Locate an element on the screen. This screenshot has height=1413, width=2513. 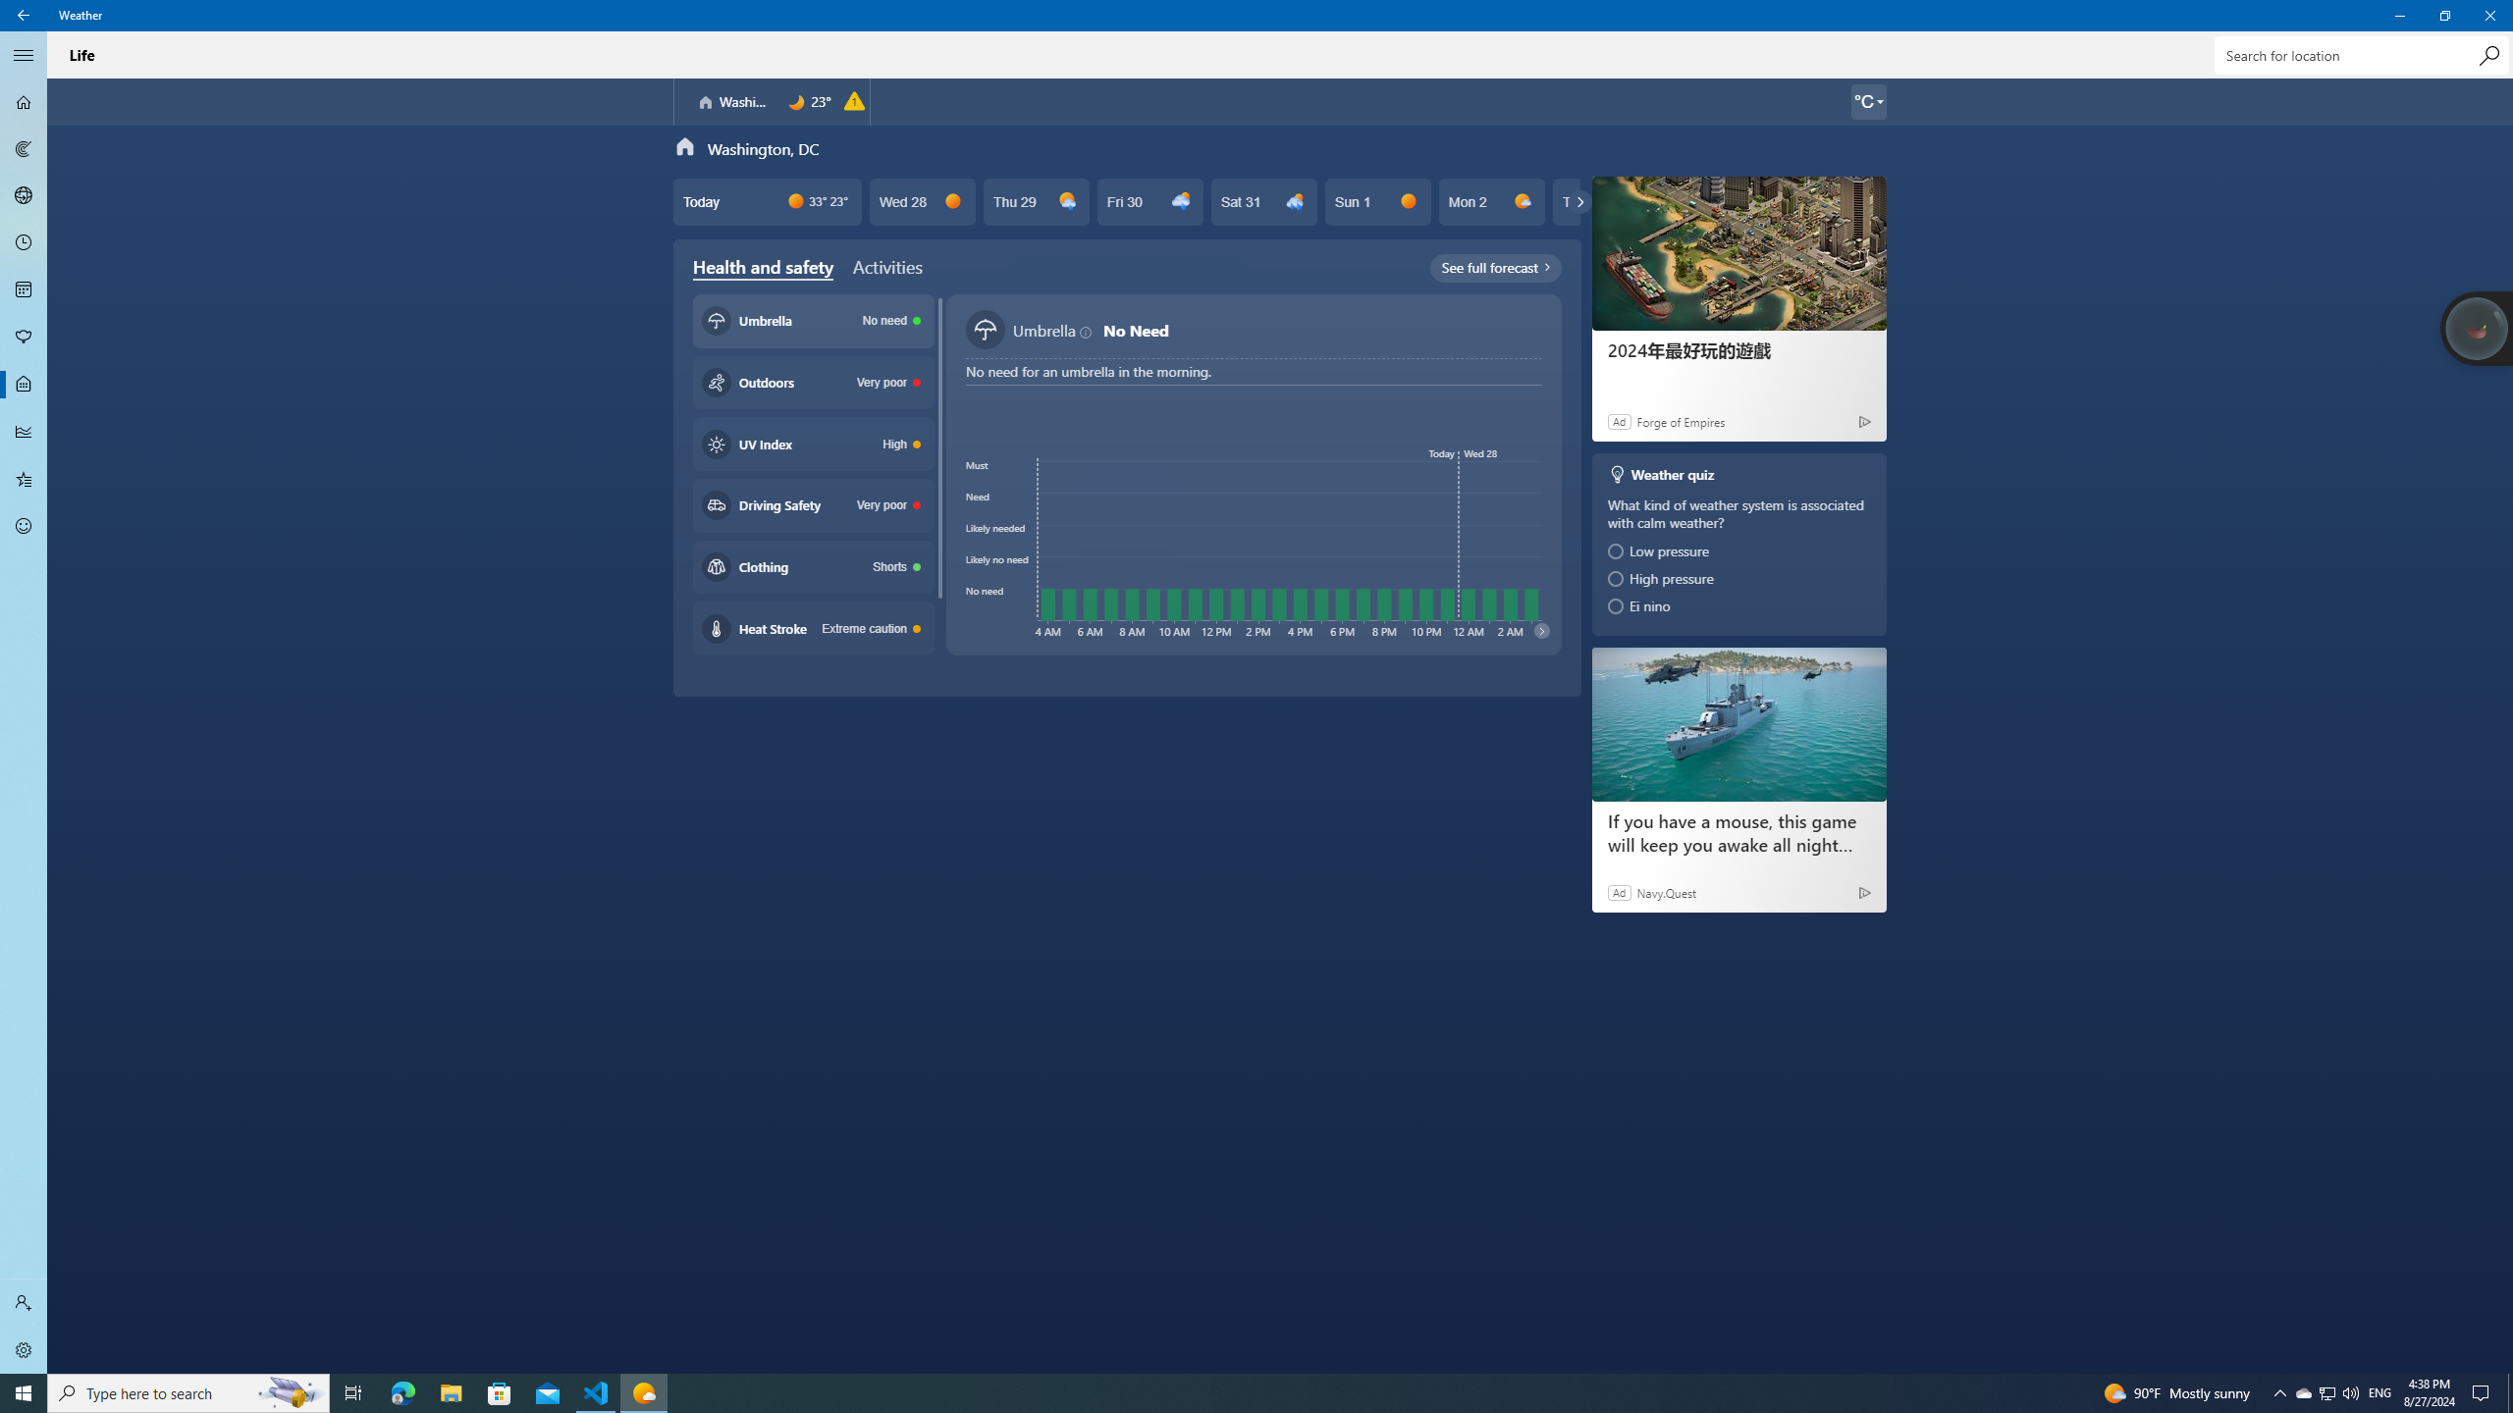
'Minimize Weather' is located at coordinates (2398, 15).